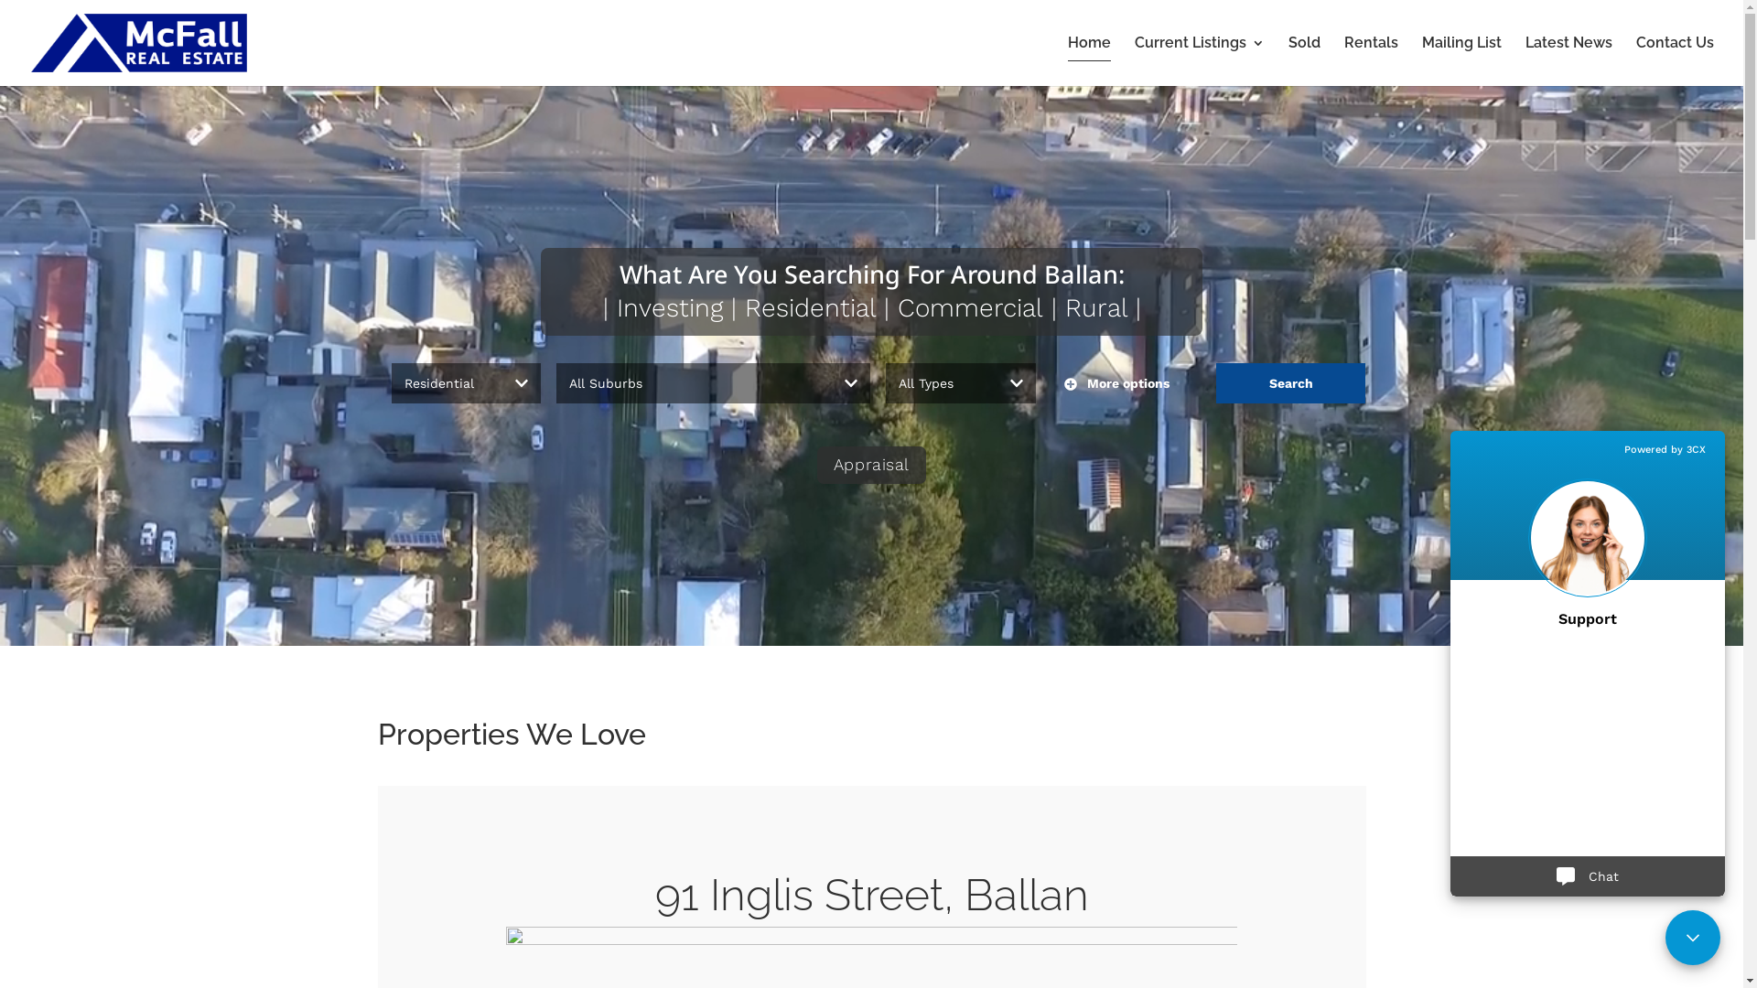 The image size is (1757, 988). I want to click on 'Rentals', so click(1371, 59).